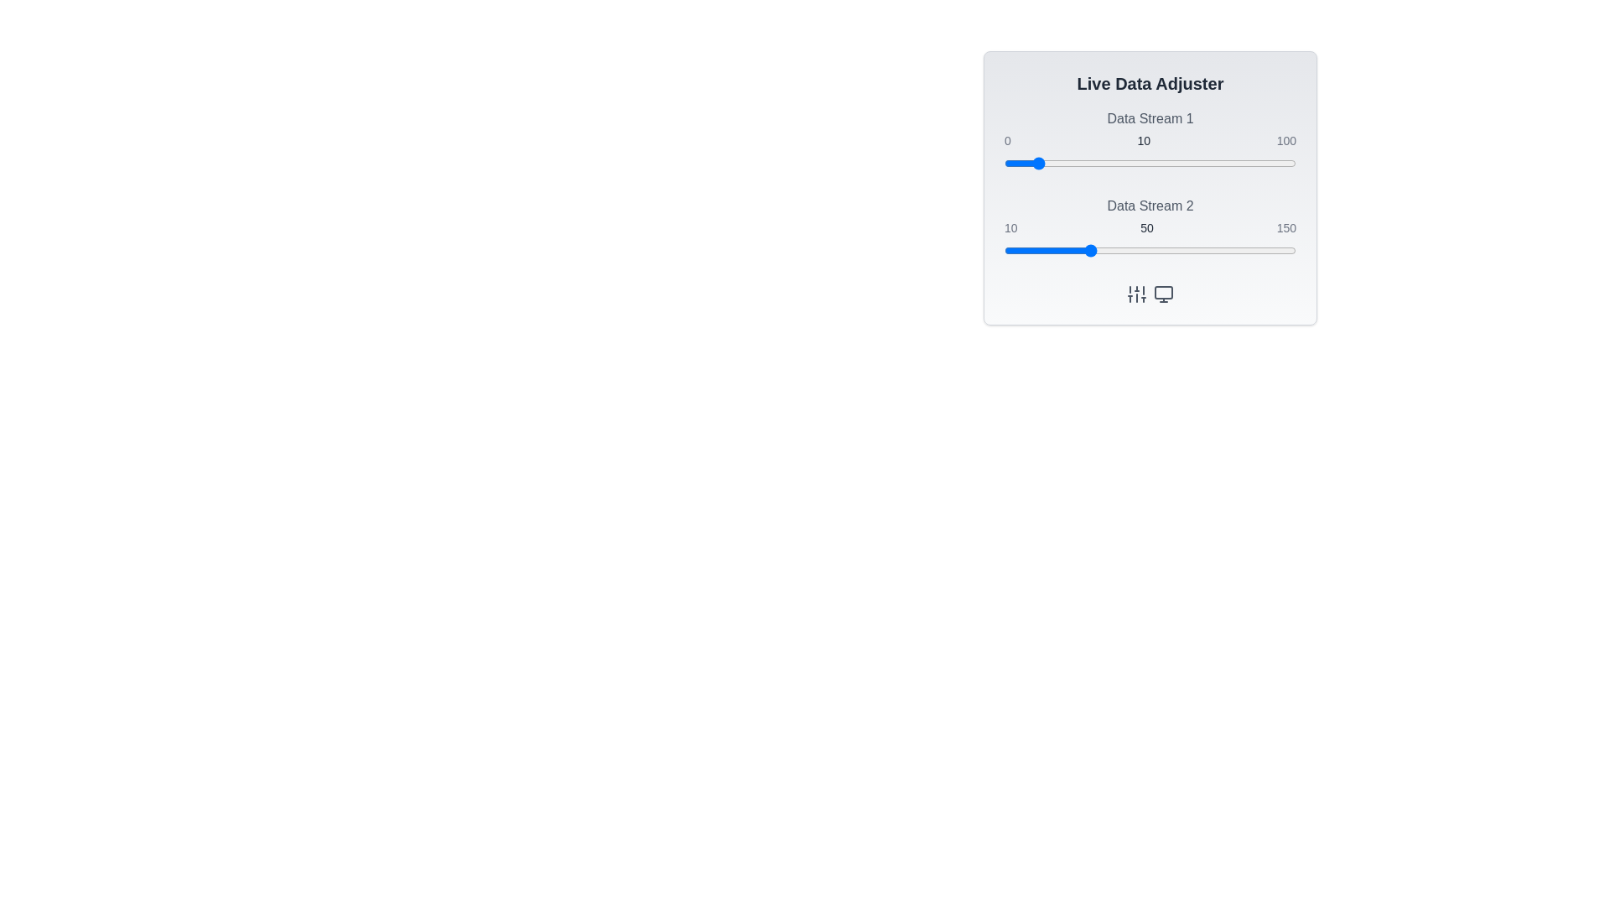  What do you see at coordinates (1154, 251) in the screenshot?
I see `the Data Stream 2 value` at bounding box center [1154, 251].